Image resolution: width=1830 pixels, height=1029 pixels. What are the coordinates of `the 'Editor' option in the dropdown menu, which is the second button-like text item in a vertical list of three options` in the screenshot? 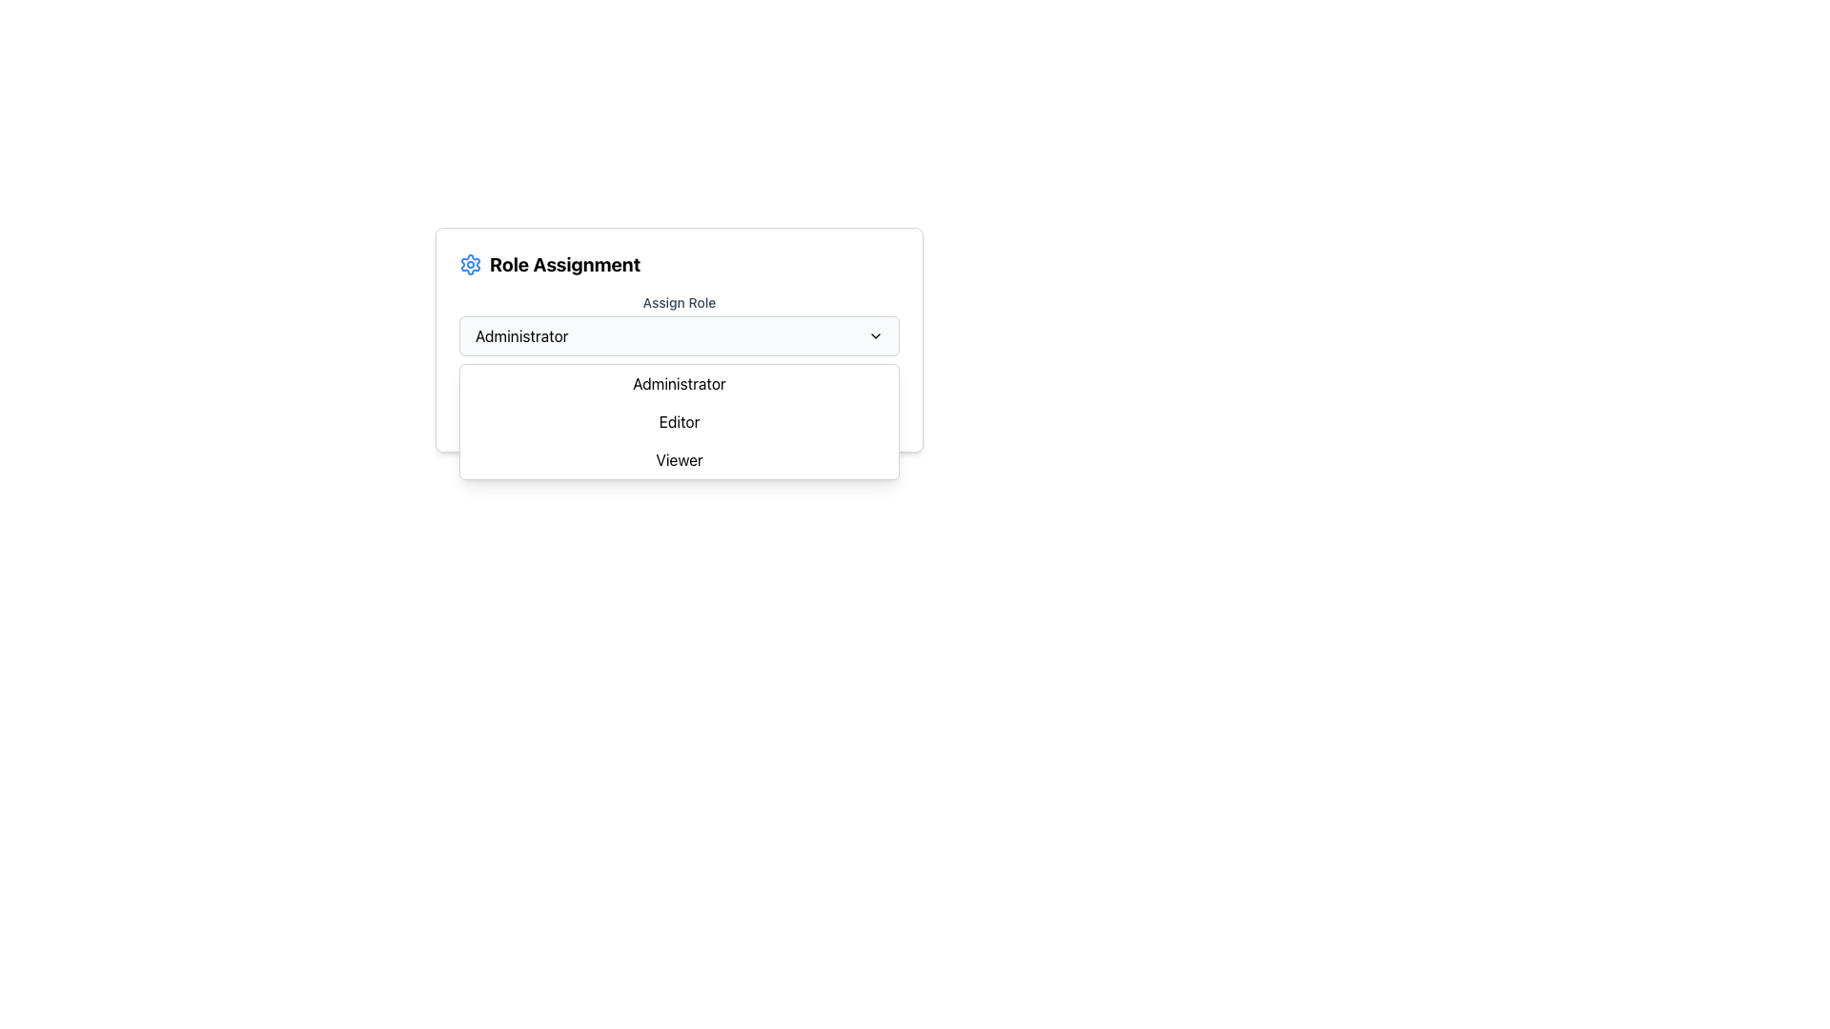 It's located at (680, 421).